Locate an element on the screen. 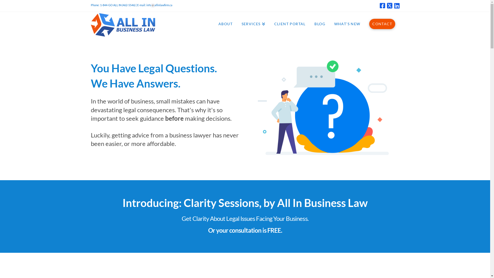 This screenshot has height=278, width=494. 'SERVICES' is located at coordinates (237, 23).